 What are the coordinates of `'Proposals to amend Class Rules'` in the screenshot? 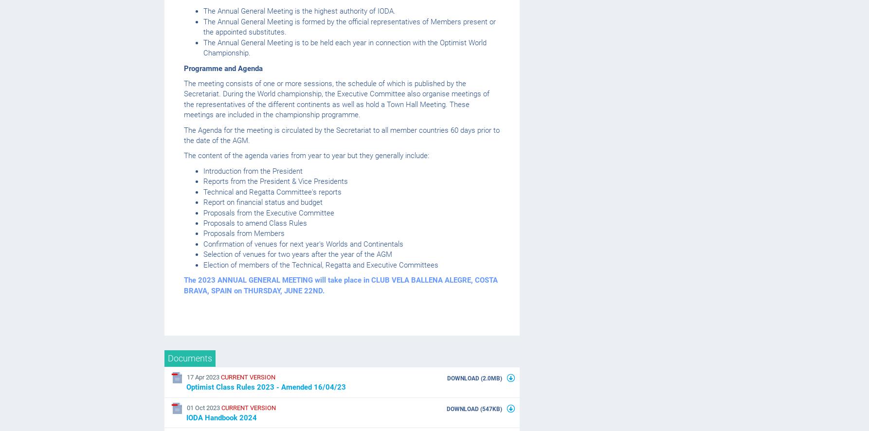 It's located at (254, 222).